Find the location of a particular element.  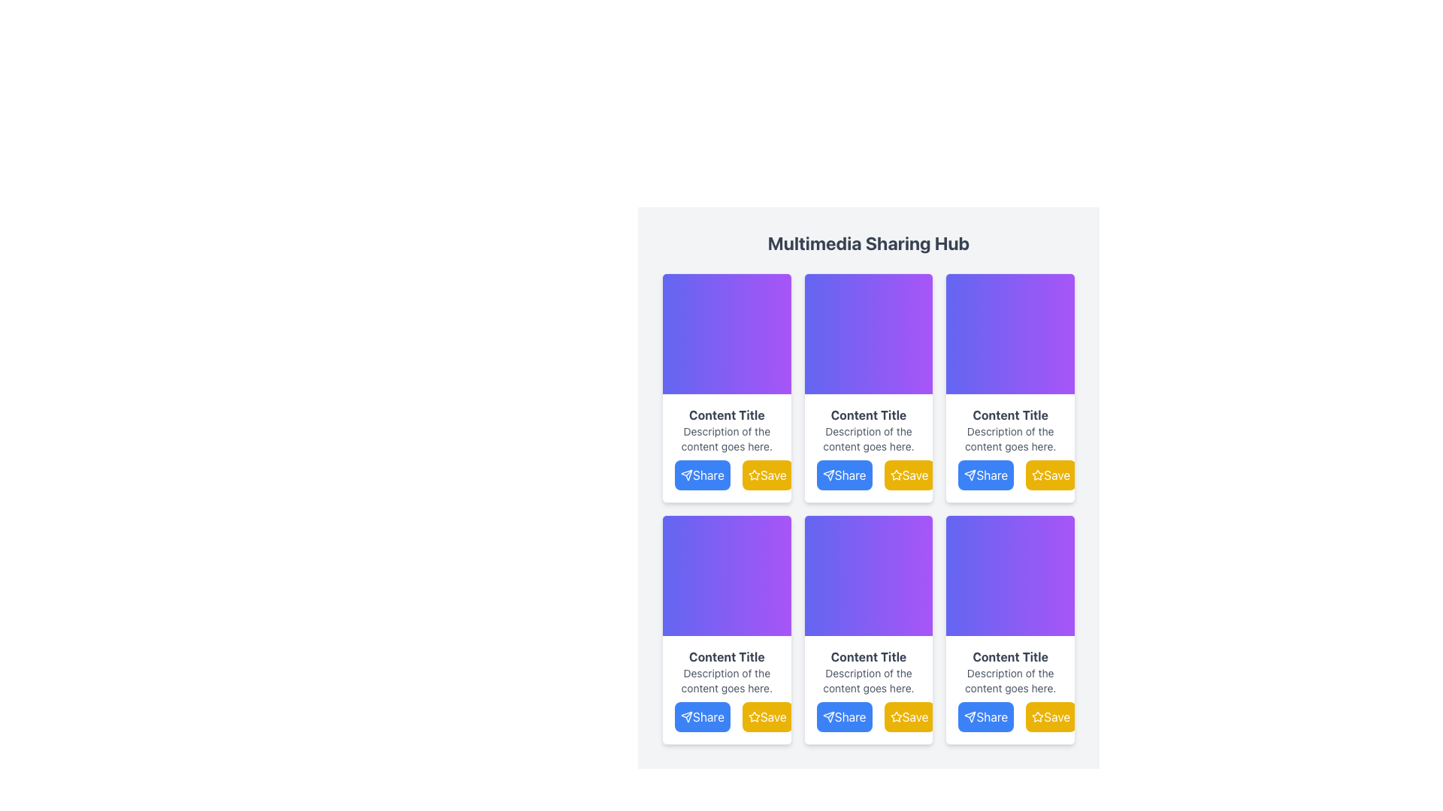

the Decorative section with a gradient background located in the top rectangular section of the third card in the first row, above the 'Content Title' is located at coordinates (1010, 333).